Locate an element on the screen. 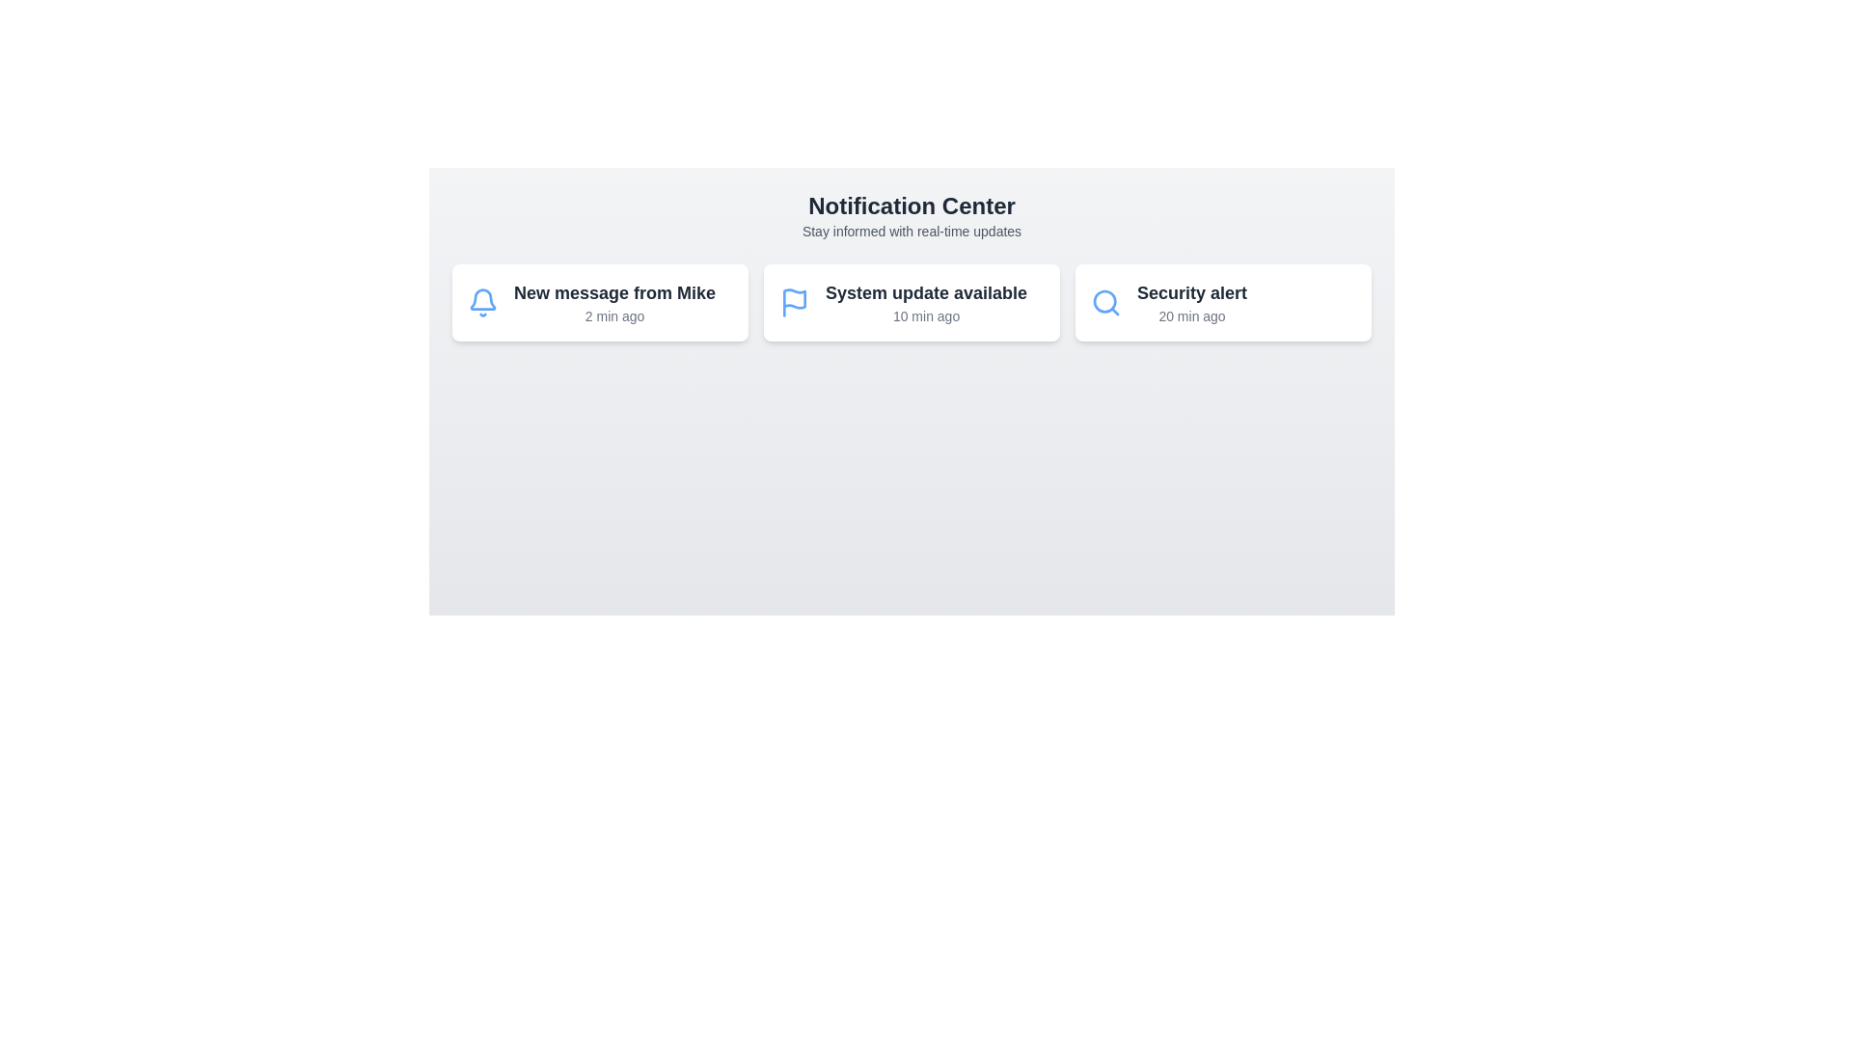  the Text block that serves as a header for the 'Notification Center', which provides a title and brief description of its purpose is located at coordinates (911, 215).